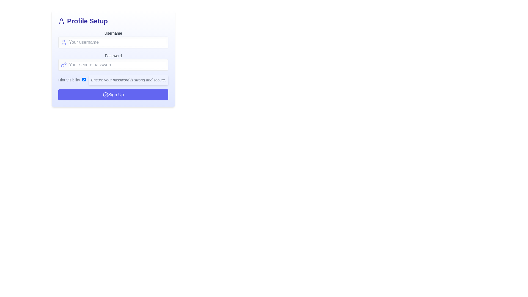 The image size is (528, 297). What do you see at coordinates (64, 42) in the screenshot?
I see `the stylized user silhouette icon located at the far left of the 'Your username' input field in the top-left corner of the form card` at bounding box center [64, 42].